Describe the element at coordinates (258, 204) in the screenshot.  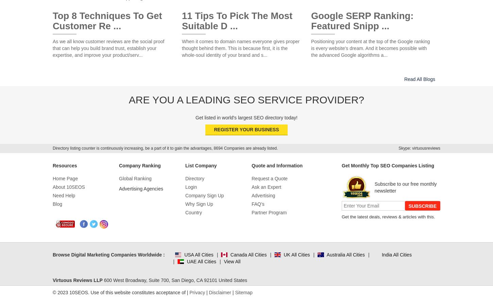
I see `'FAQ’s'` at that location.